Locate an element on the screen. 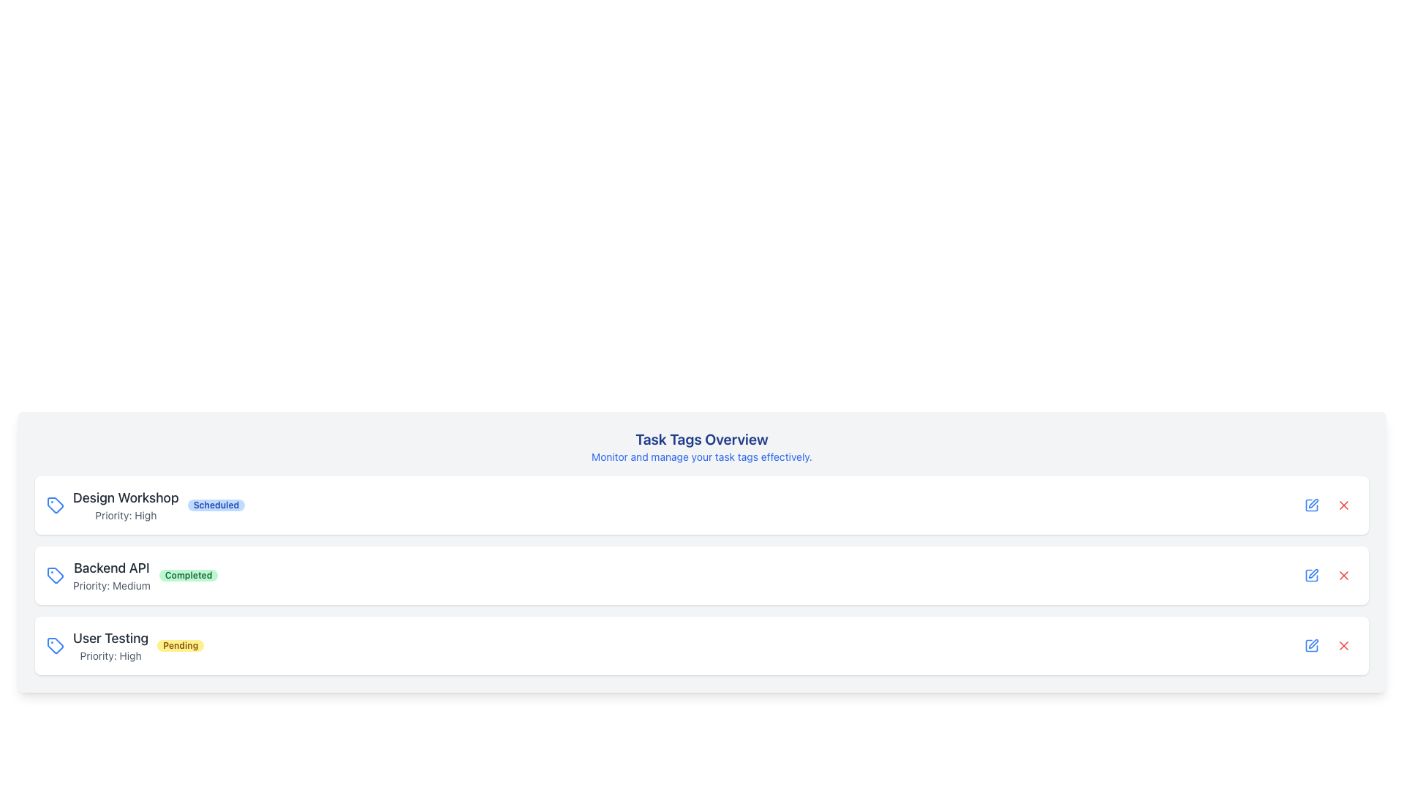 This screenshot has height=790, width=1404. the 'Pending' tag on the third task card in the vertical list to change the task status is located at coordinates (125, 645).